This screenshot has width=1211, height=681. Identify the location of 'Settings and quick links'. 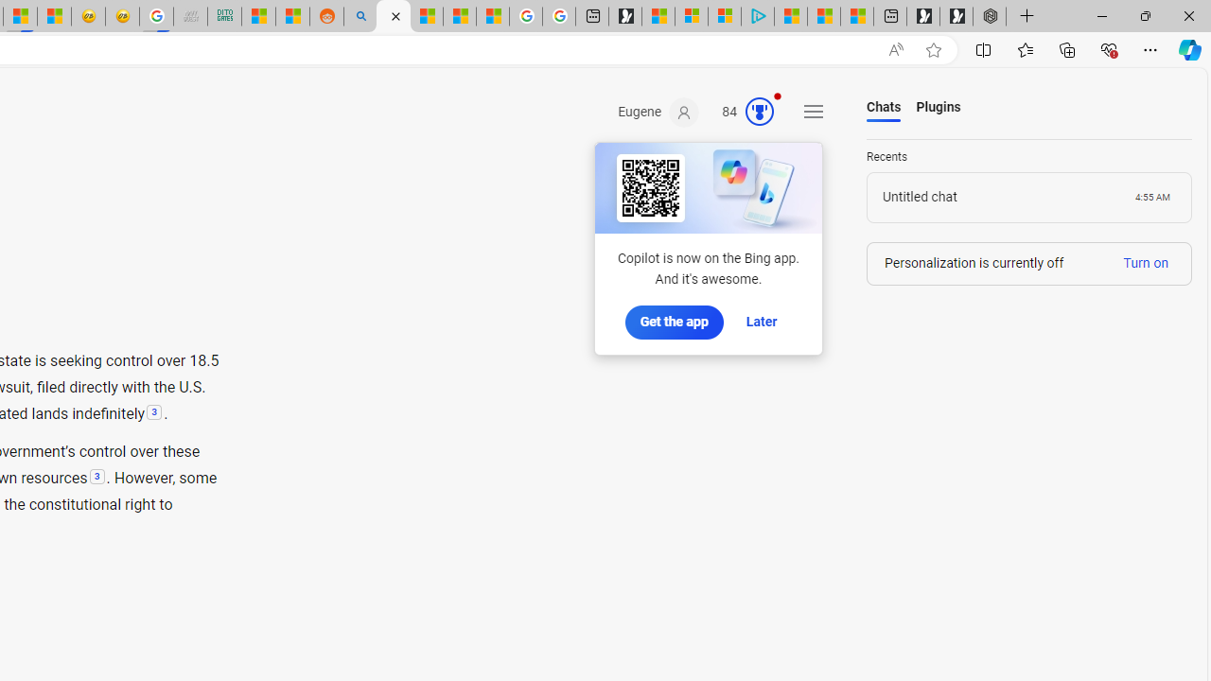
(814, 112).